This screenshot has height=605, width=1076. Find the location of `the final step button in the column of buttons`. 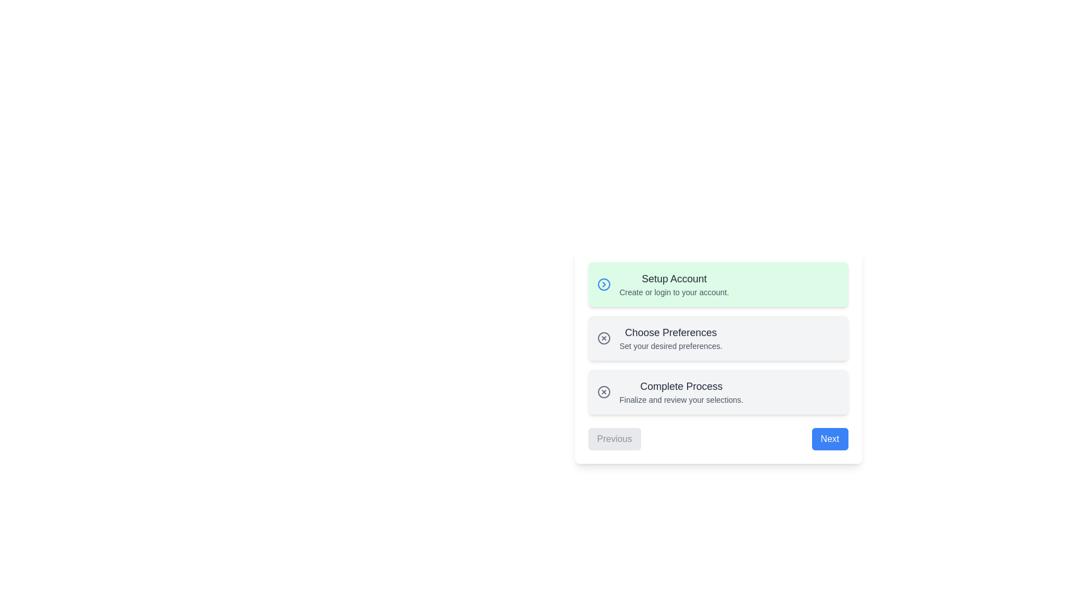

the final step button in the column of buttons is located at coordinates (718, 391).